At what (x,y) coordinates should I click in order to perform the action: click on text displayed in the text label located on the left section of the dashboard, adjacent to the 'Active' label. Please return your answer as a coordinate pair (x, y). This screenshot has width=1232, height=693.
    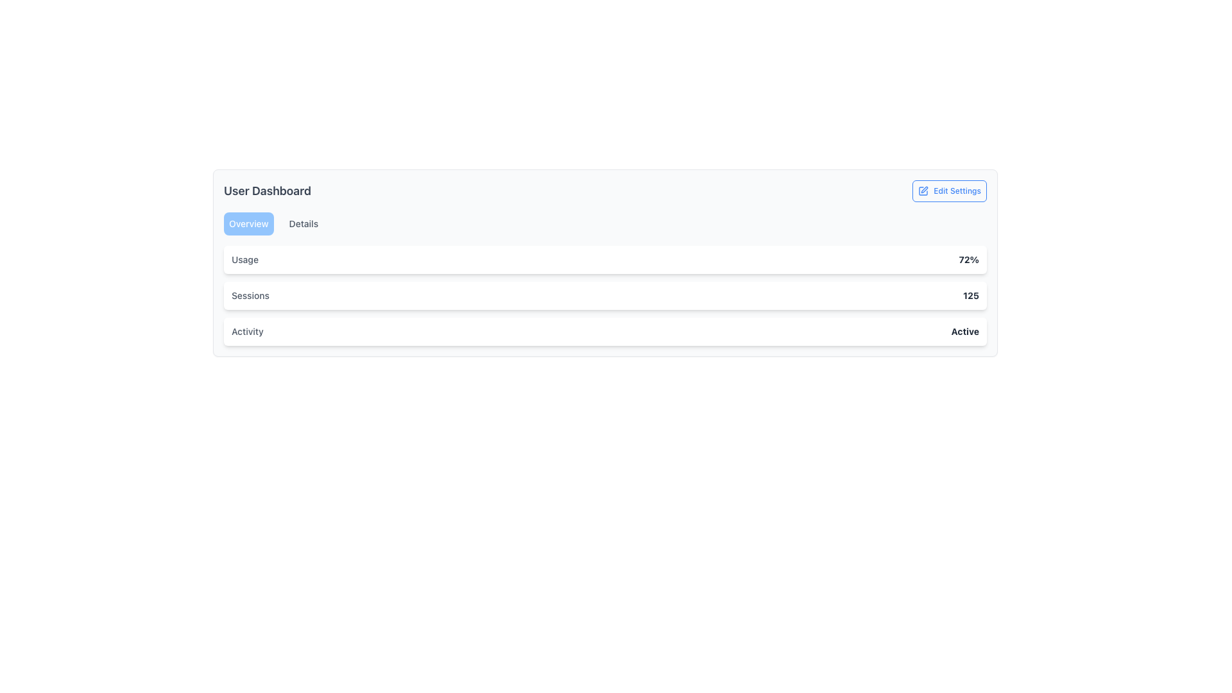
    Looking at the image, I should click on (247, 330).